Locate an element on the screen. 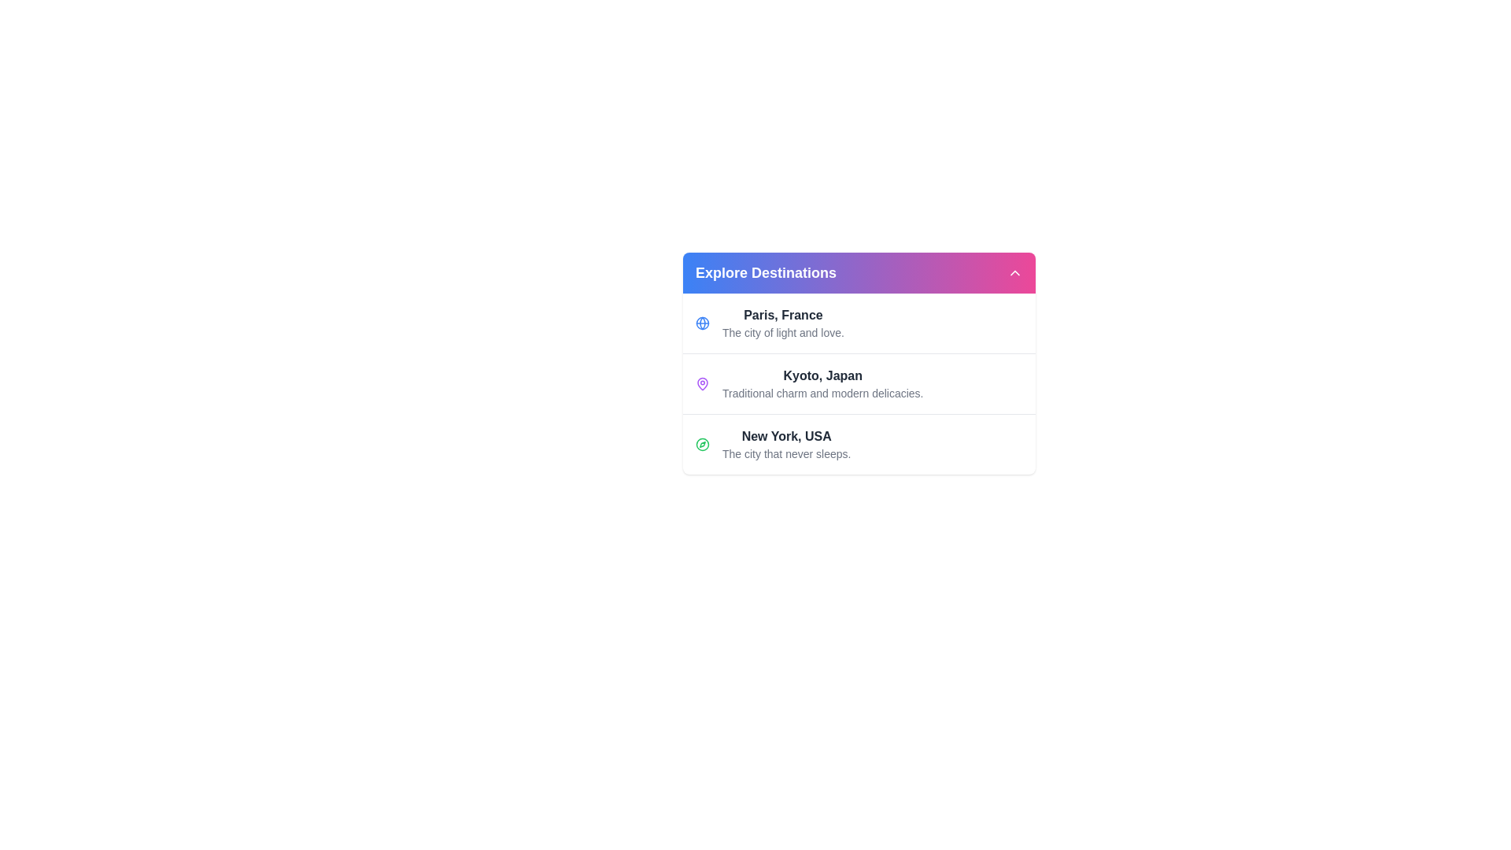 This screenshot has width=1511, height=850. the green compass-like icon located to the left of the New York, USA list entry is located at coordinates (701, 444).